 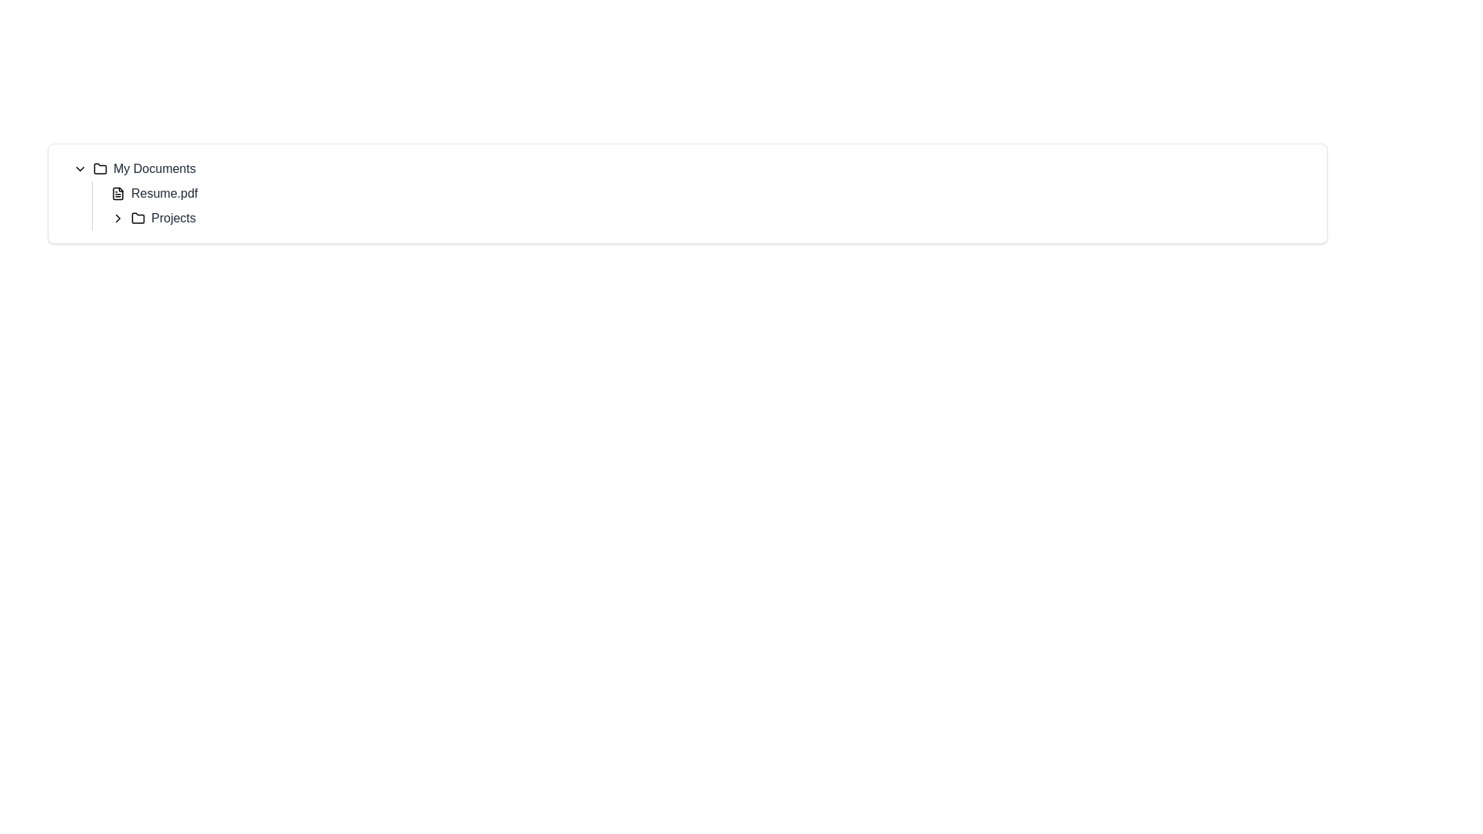 I want to click on the downward pointing chevron icon located before the folder icon and 'My Documents' text, so click(x=80, y=169).